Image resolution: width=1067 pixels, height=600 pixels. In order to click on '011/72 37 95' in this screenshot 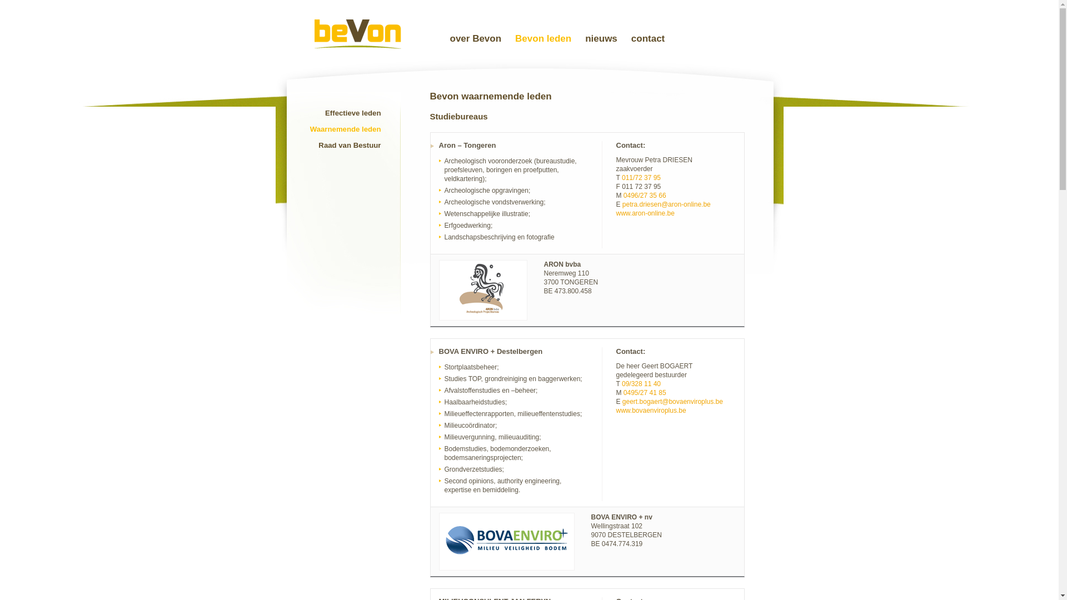, I will do `click(621, 177)`.